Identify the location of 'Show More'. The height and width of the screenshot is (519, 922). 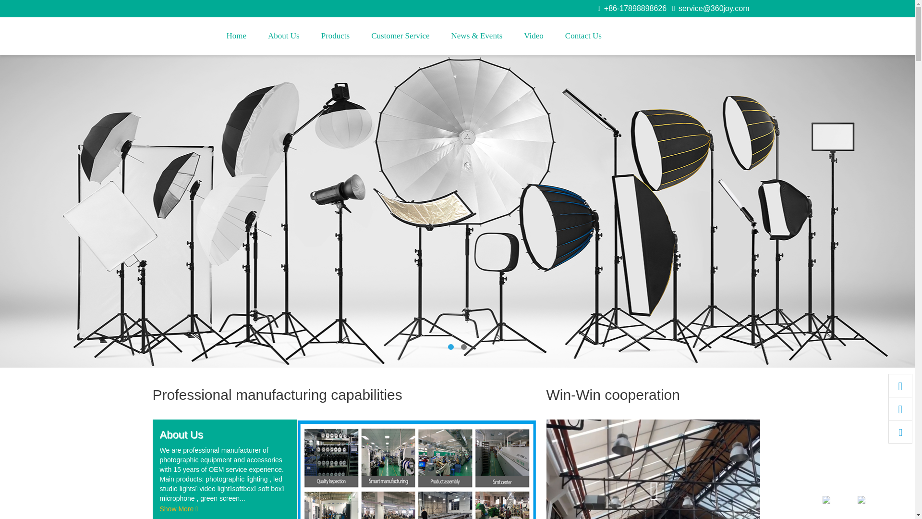
(178, 508).